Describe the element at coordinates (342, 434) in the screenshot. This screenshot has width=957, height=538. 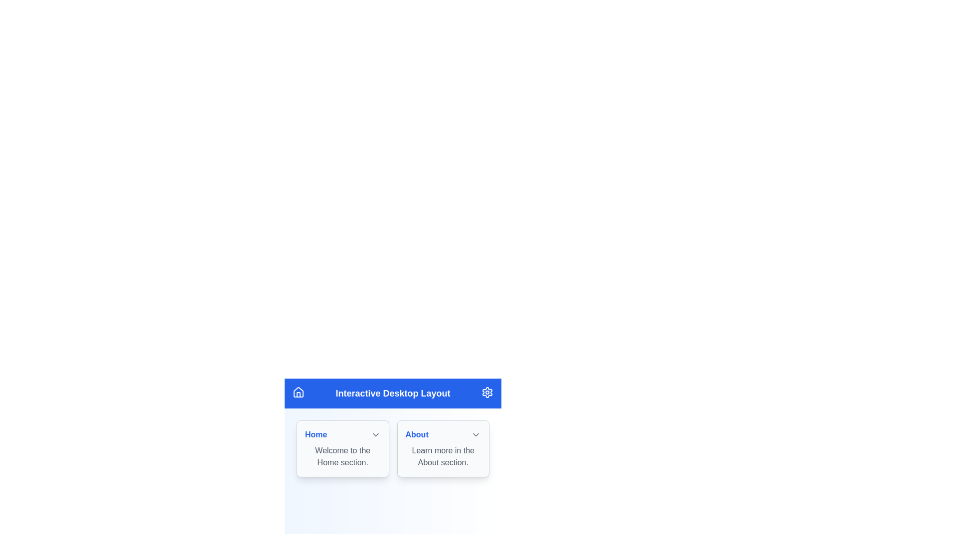
I see `the 'Home' clickable label with a dropdown indicator` at that location.